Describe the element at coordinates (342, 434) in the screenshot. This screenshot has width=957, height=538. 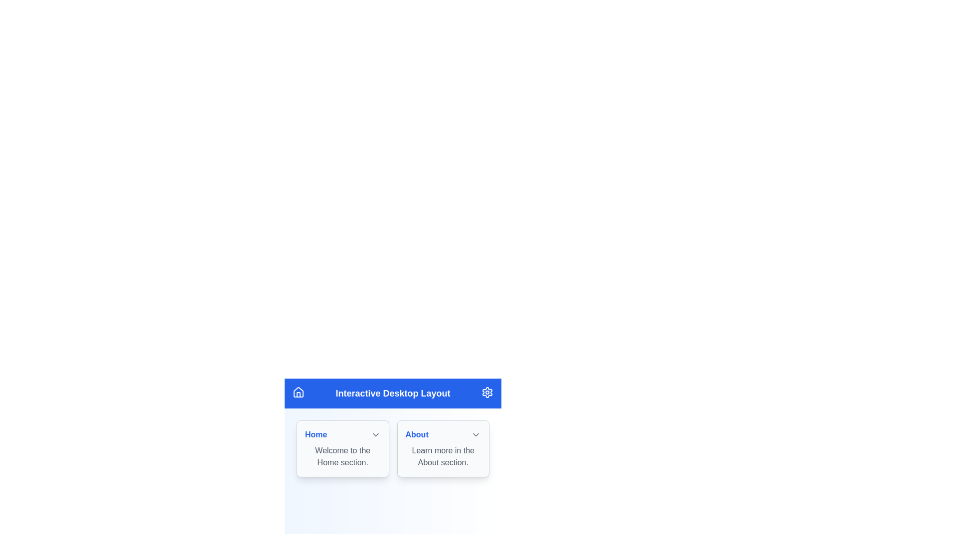
I see `the 'Home' clickable label with a dropdown indicator` at that location.